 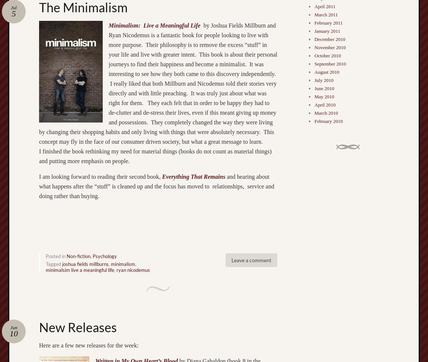 What do you see at coordinates (328, 121) in the screenshot?
I see `'February 2010'` at bounding box center [328, 121].